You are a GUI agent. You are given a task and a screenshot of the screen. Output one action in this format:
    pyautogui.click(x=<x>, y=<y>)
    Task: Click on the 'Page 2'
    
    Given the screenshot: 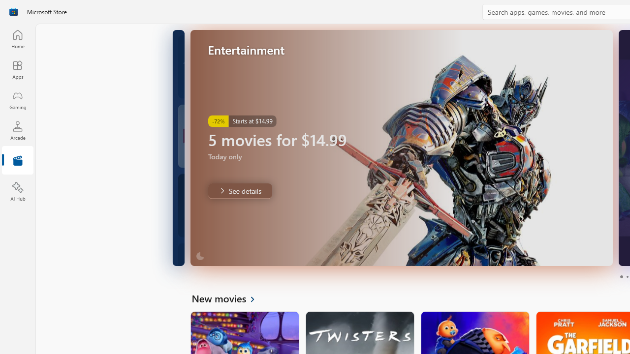 What is the action you would take?
    pyautogui.click(x=627, y=277)
    